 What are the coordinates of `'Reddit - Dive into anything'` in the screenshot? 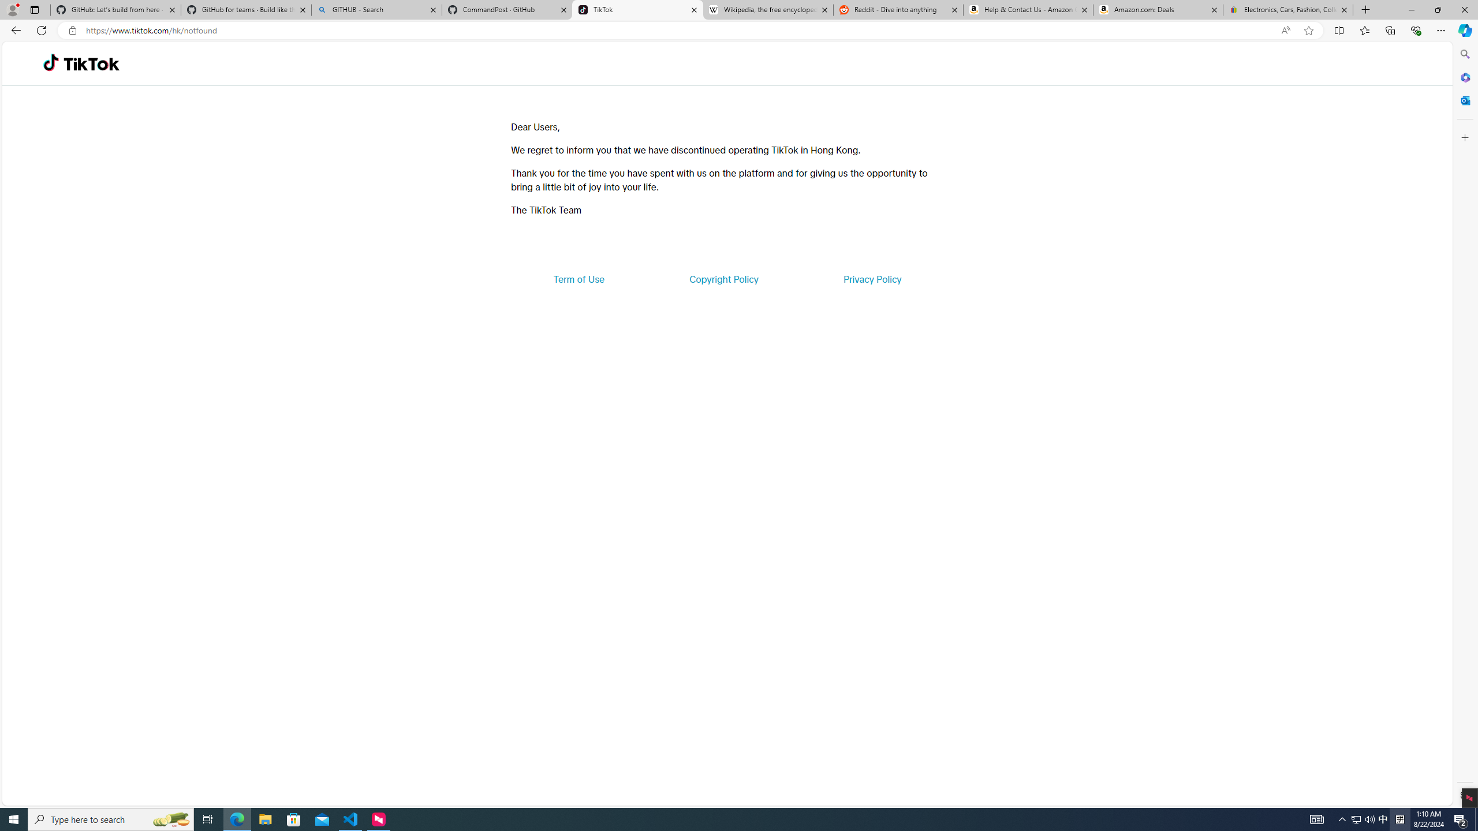 It's located at (898, 9).